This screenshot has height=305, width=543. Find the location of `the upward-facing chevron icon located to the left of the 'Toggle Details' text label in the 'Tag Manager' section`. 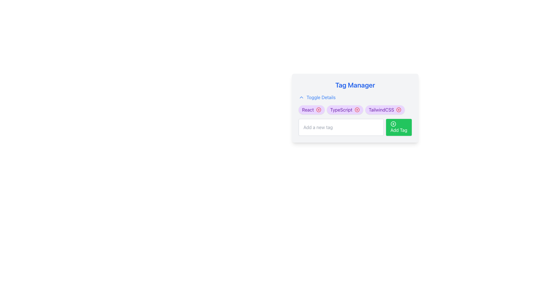

the upward-facing chevron icon located to the left of the 'Toggle Details' text label in the 'Tag Manager' section is located at coordinates (301, 97).